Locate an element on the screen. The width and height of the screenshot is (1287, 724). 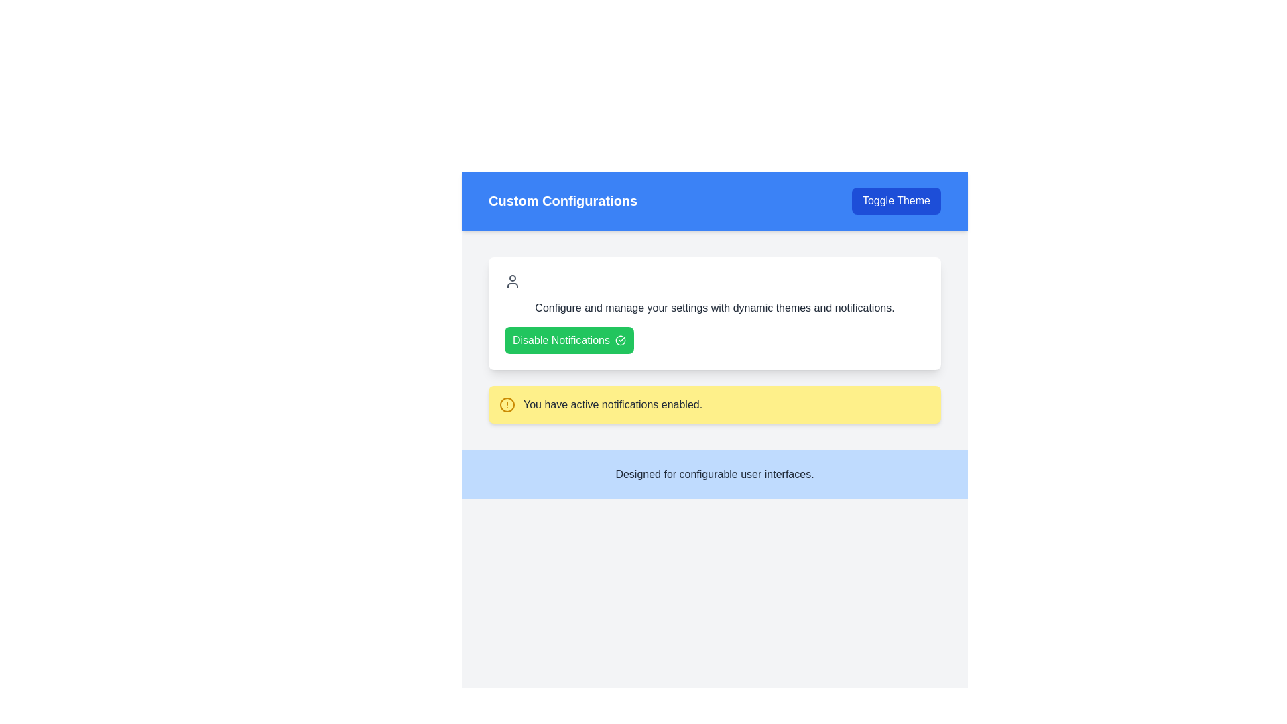
the Text Label that serves as a header or title for the section, located on the left side of the header bar, preceding the 'Toggle Theme' button is located at coordinates (563, 201).